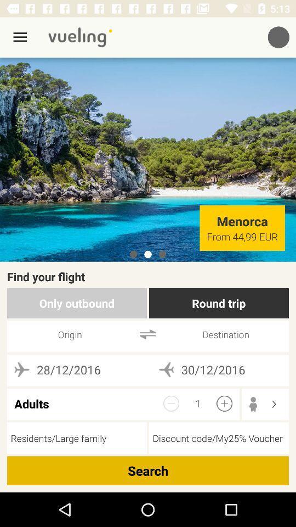 This screenshot has width=296, height=527. What do you see at coordinates (76, 303) in the screenshot?
I see `only outbound icon` at bounding box center [76, 303].